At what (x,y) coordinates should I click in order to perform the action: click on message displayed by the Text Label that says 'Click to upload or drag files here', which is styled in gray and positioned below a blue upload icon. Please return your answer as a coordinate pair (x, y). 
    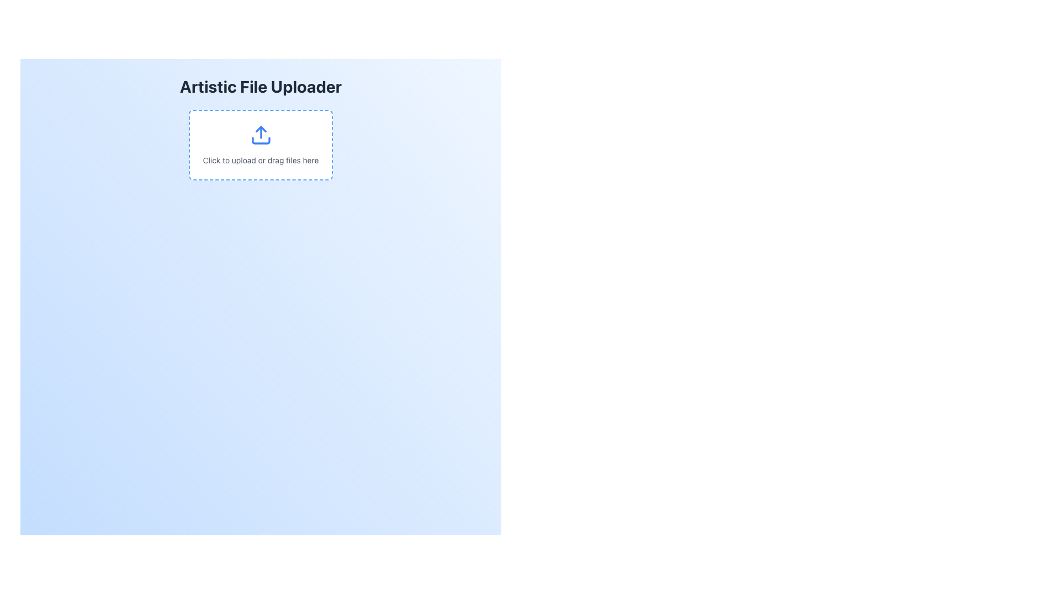
    Looking at the image, I should click on (260, 160).